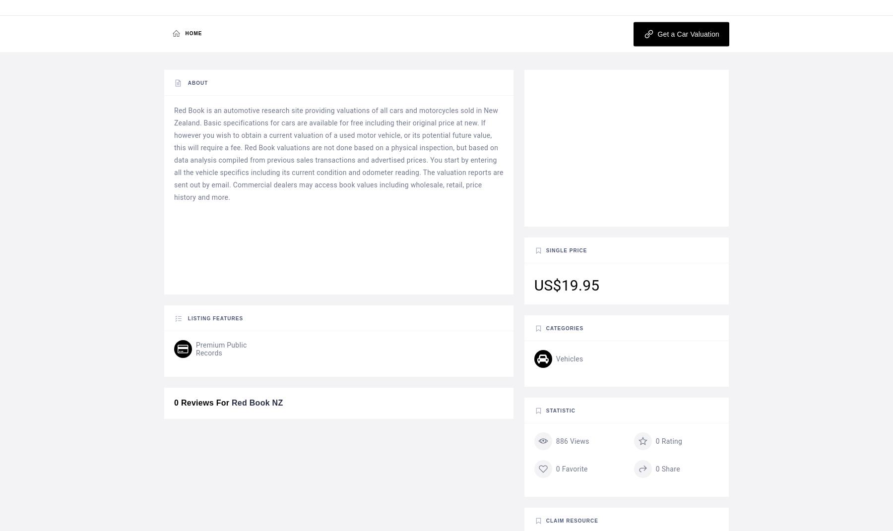 This screenshot has width=893, height=531. What do you see at coordinates (545, 250) in the screenshot?
I see `'Single Price'` at bounding box center [545, 250].